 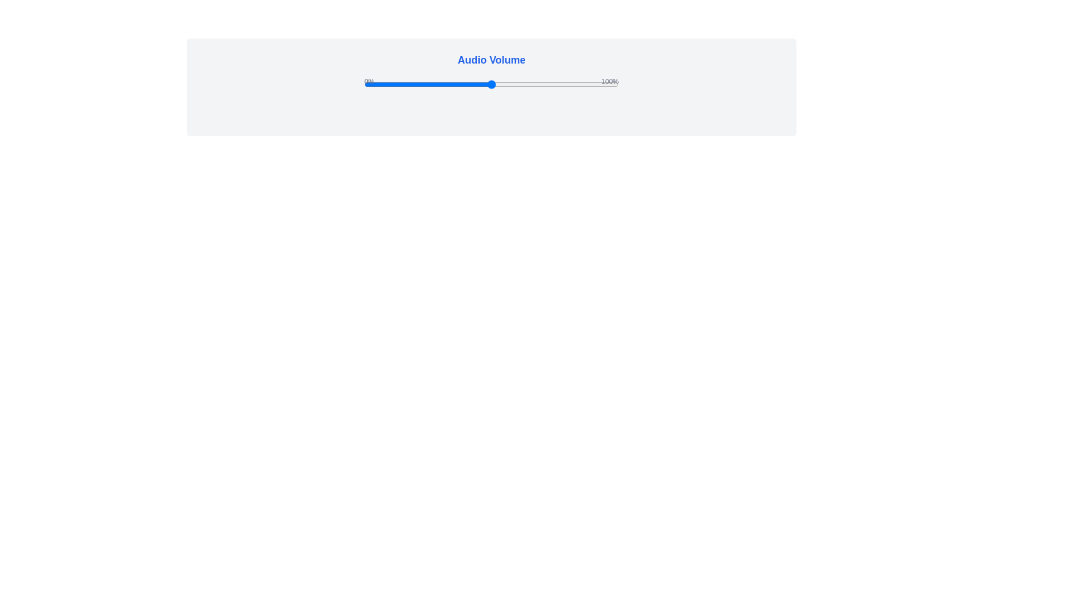 What do you see at coordinates (521, 84) in the screenshot?
I see `the audio volume` at bounding box center [521, 84].